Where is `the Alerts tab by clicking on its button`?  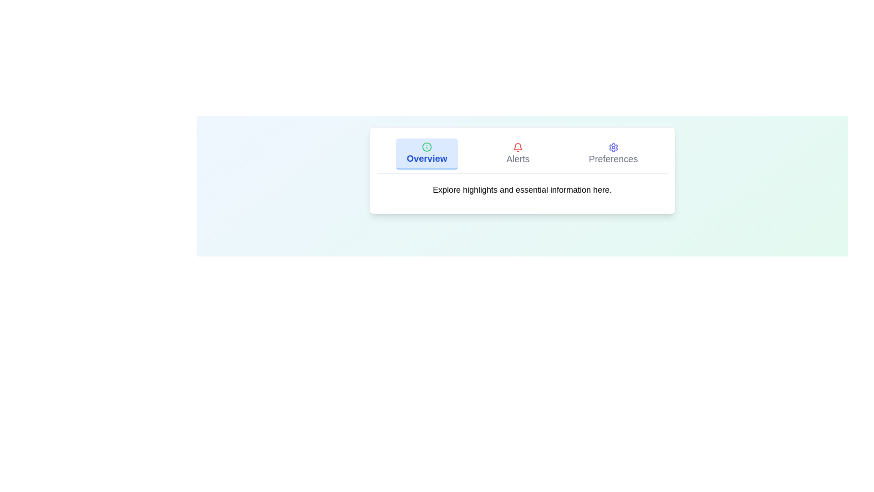 the Alerts tab by clicking on its button is located at coordinates (518, 154).